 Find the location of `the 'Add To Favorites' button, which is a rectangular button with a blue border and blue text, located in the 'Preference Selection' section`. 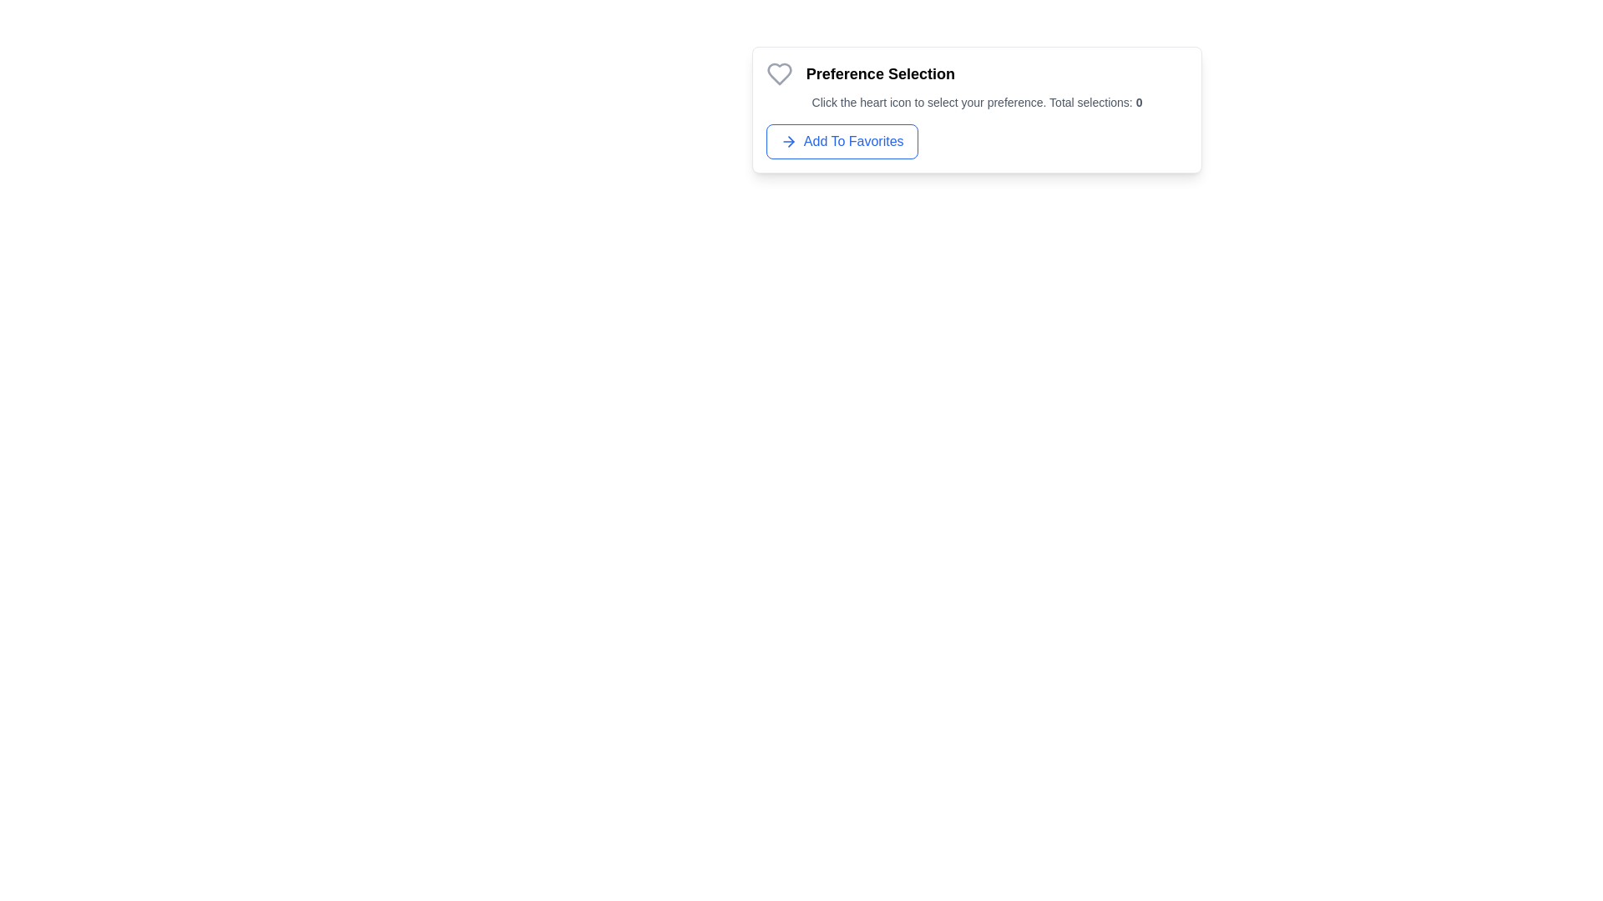

the 'Add To Favorites' button, which is a rectangular button with a blue border and blue text, located in the 'Preference Selection' section is located at coordinates (842, 140).